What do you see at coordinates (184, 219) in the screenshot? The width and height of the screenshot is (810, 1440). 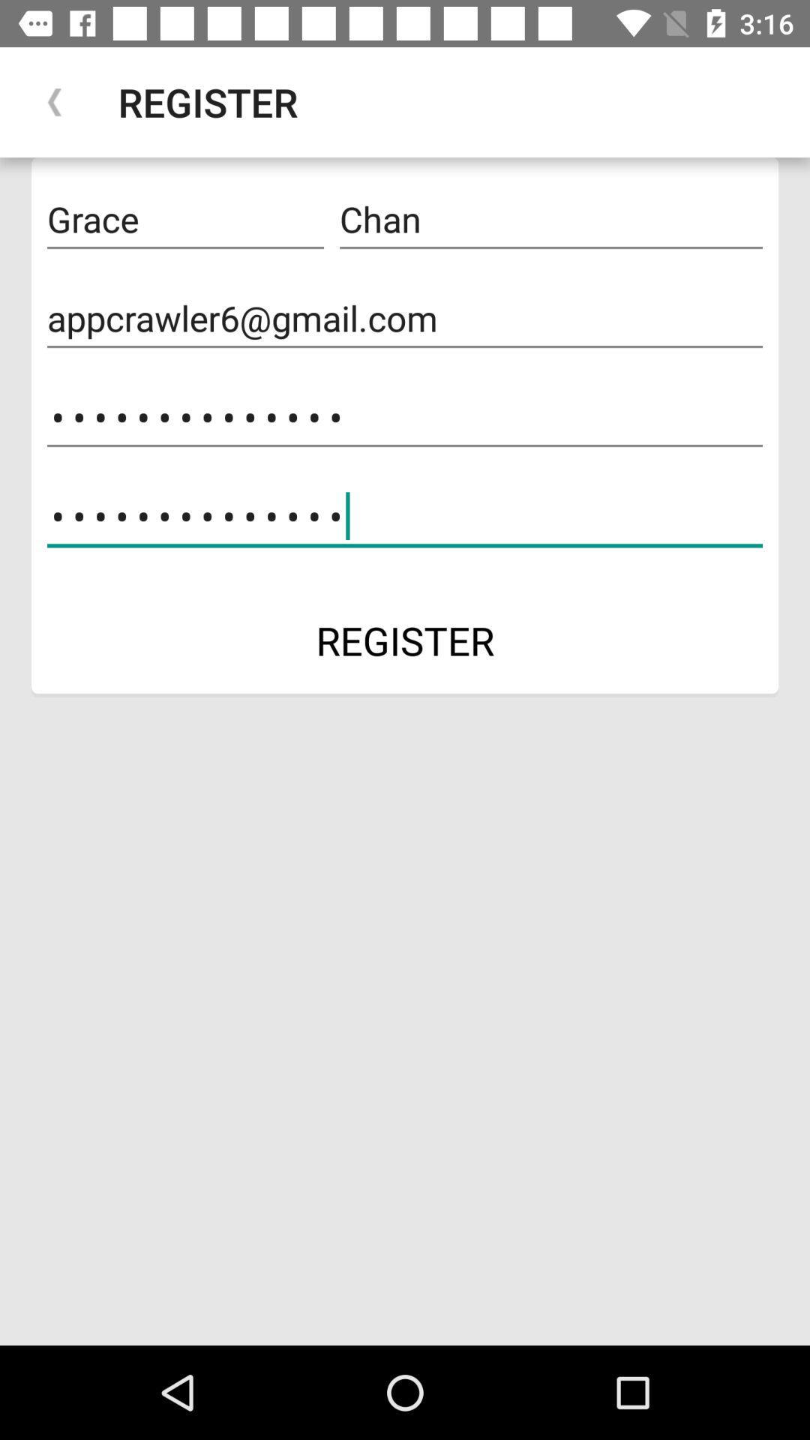 I see `the grace icon` at bounding box center [184, 219].